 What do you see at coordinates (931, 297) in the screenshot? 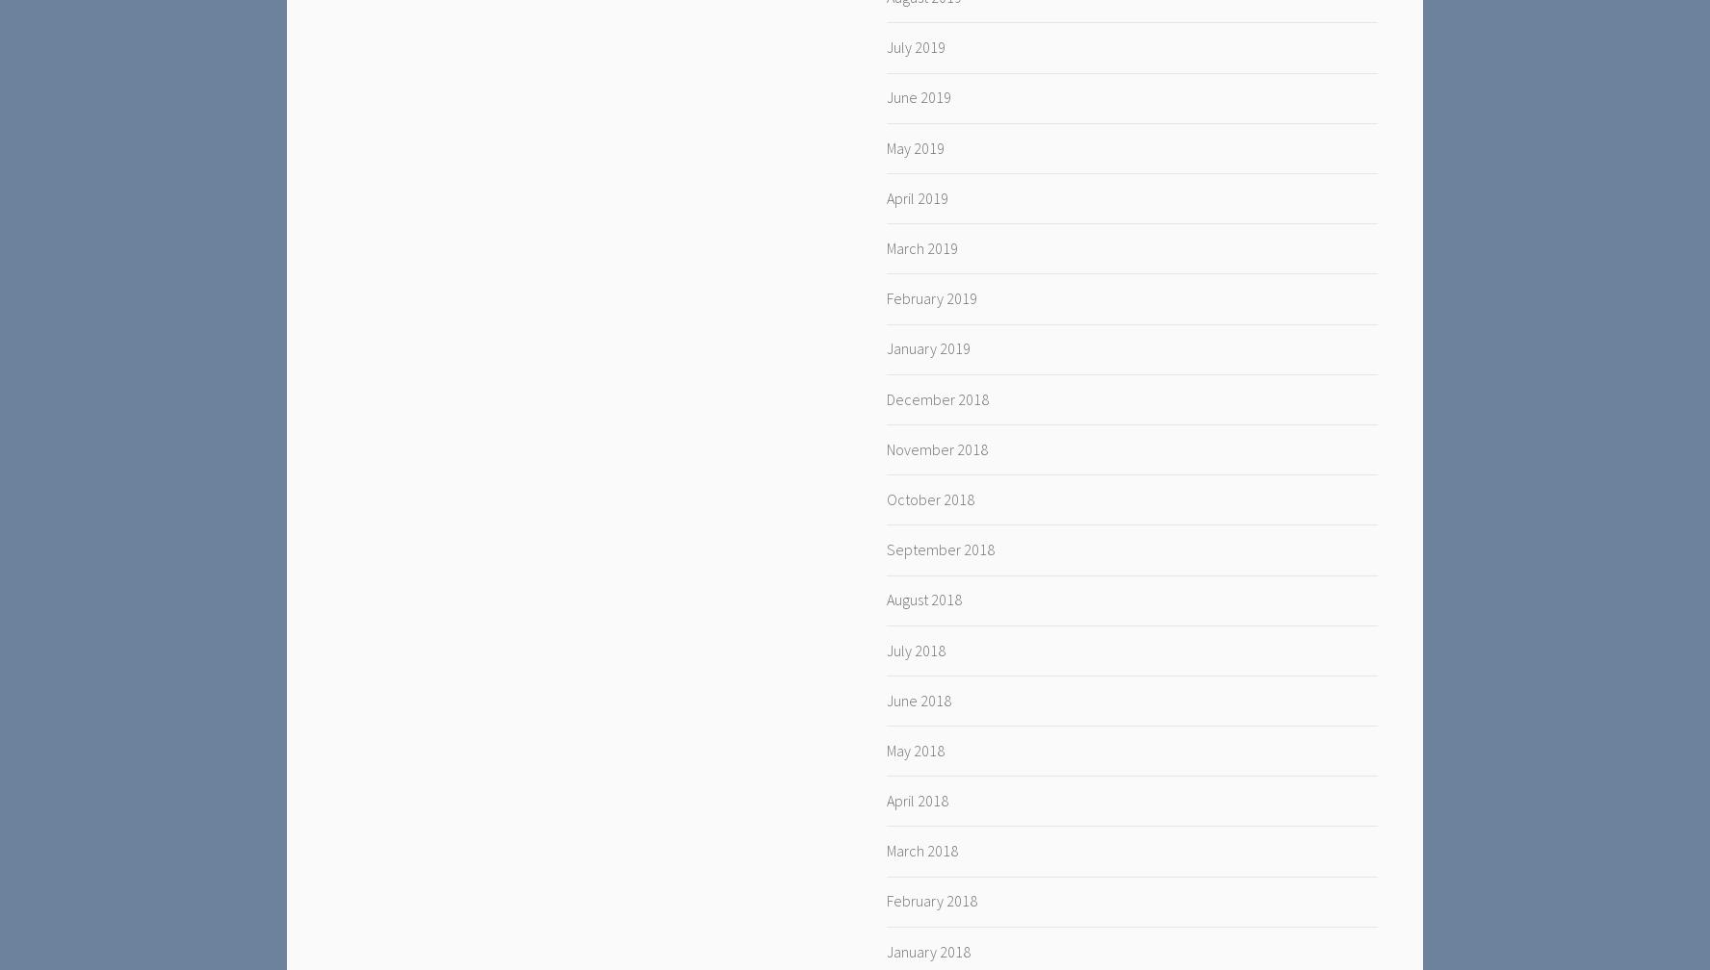
I see `'February 2019'` at bounding box center [931, 297].